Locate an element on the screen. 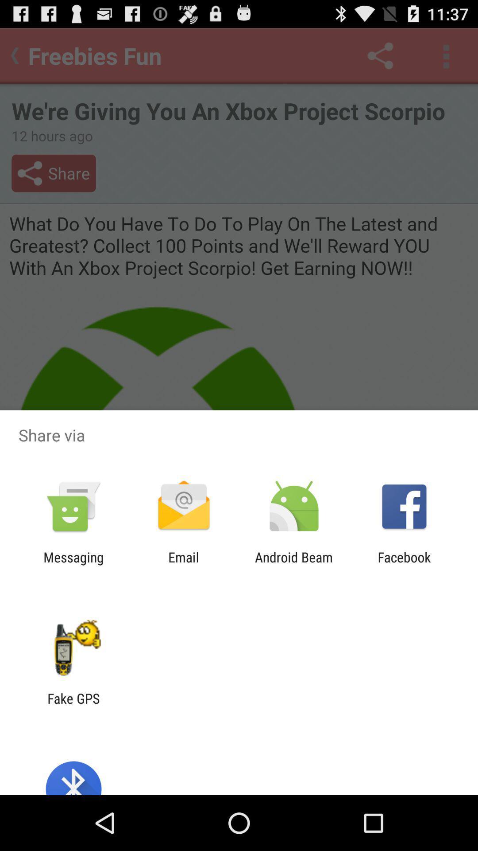  the icon next to the messaging is located at coordinates (183, 565).